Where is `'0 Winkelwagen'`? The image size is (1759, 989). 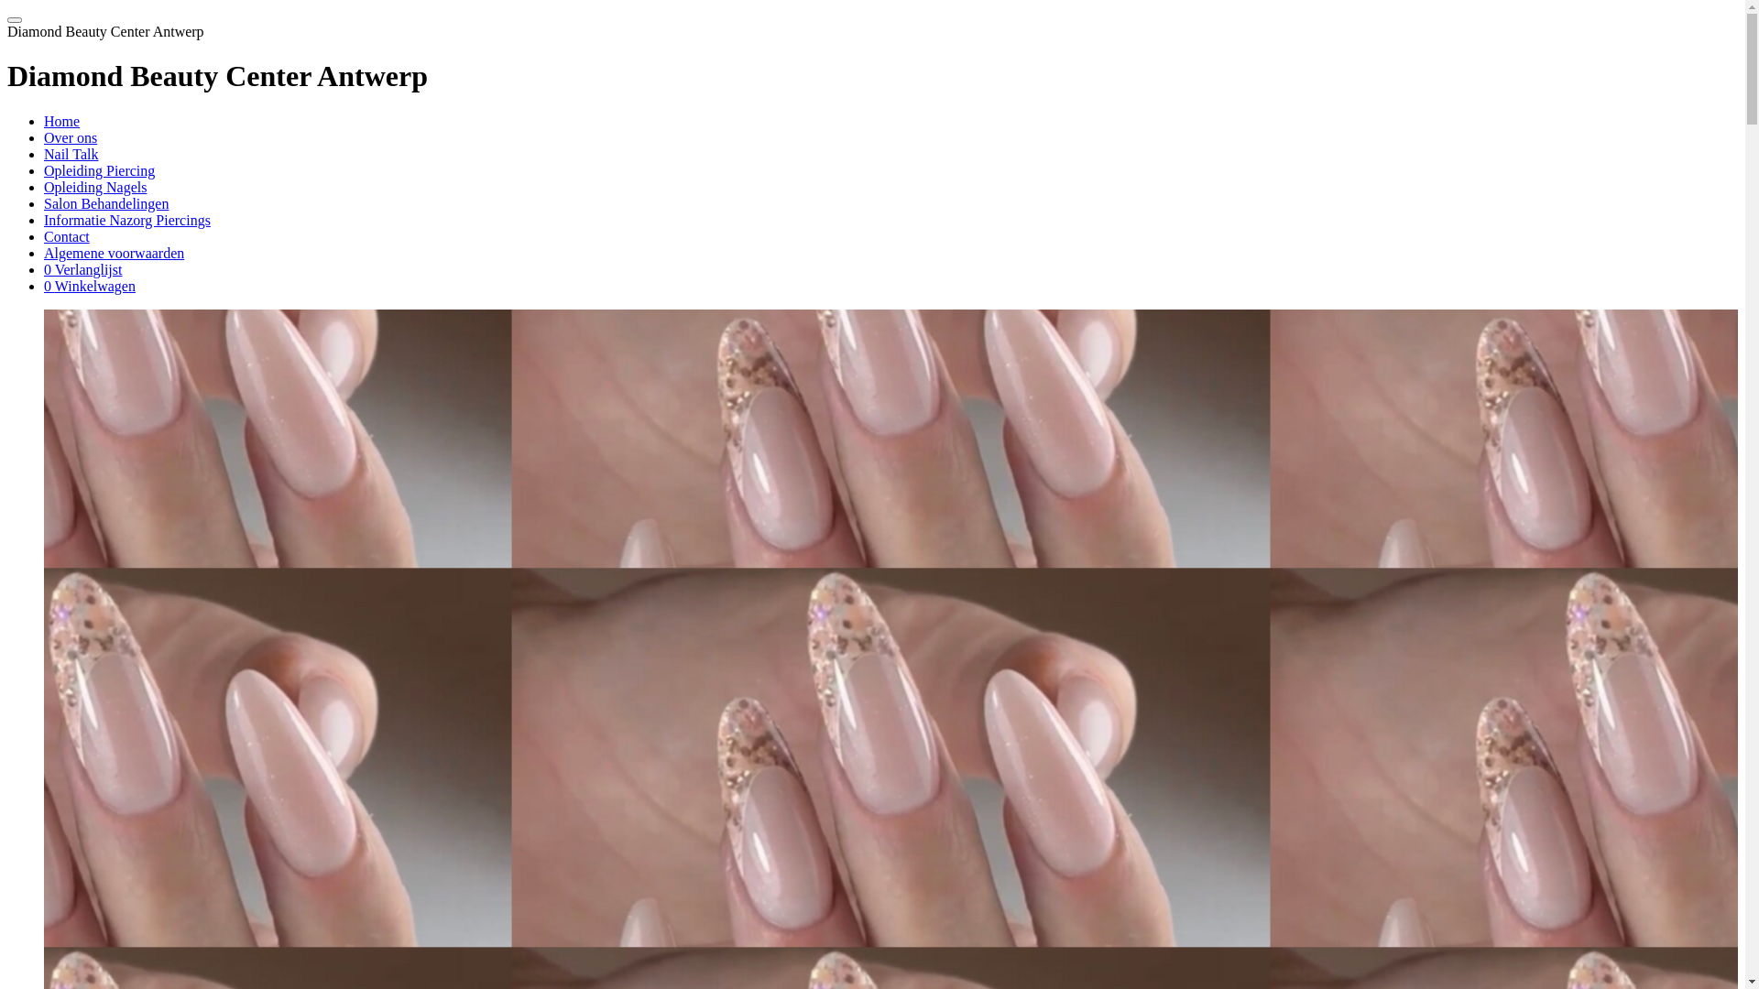
'0 Winkelwagen' is located at coordinates (88, 286).